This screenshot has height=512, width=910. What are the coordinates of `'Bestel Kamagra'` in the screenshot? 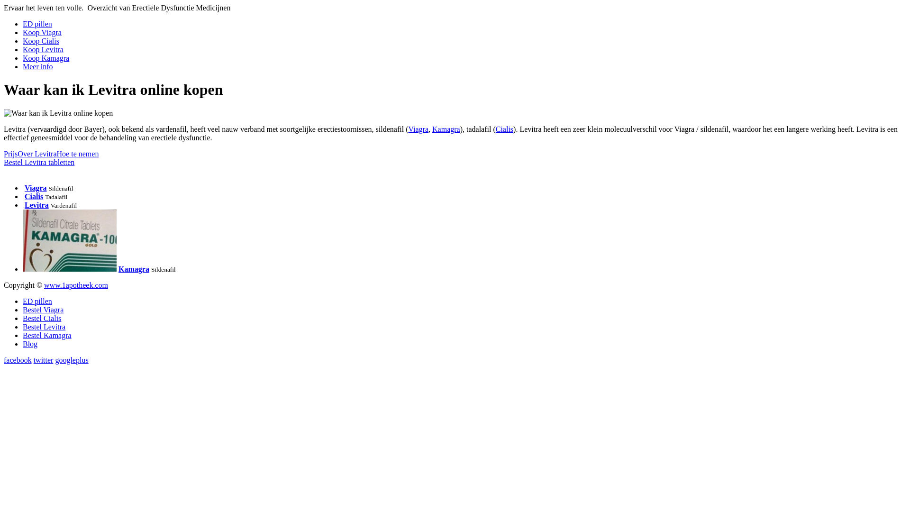 It's located at (46, 335).